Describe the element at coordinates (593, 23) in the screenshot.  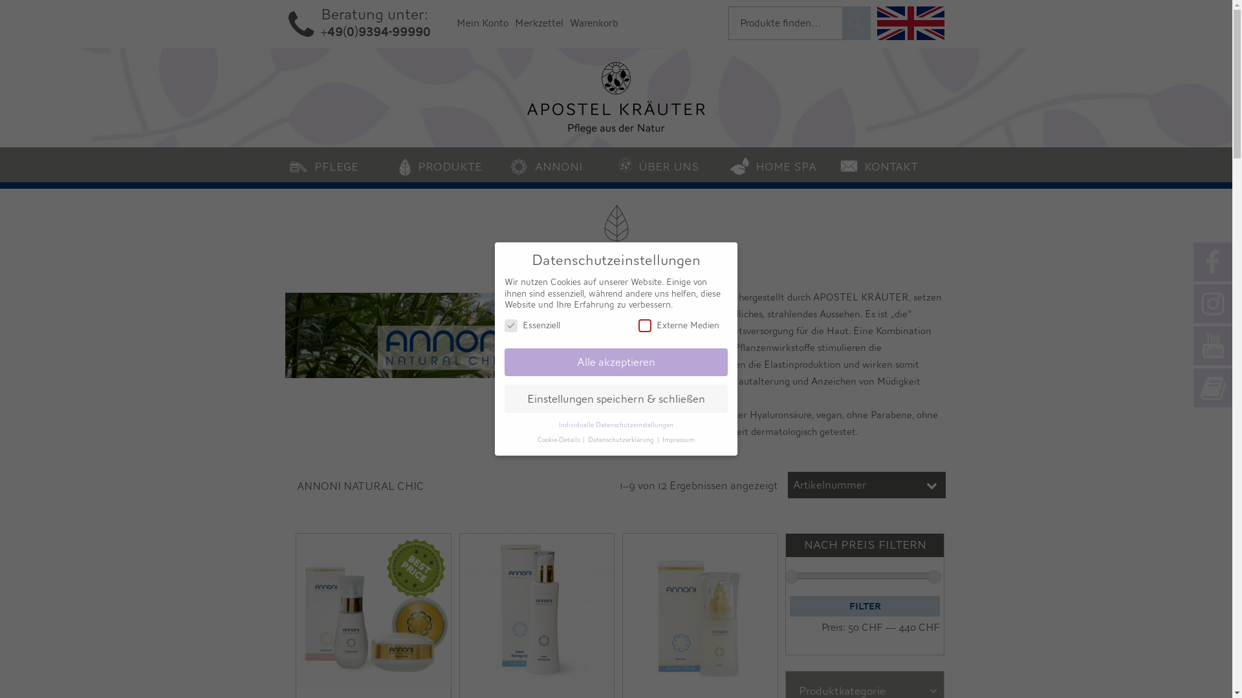
I see `'Warenkorb'` at that location.